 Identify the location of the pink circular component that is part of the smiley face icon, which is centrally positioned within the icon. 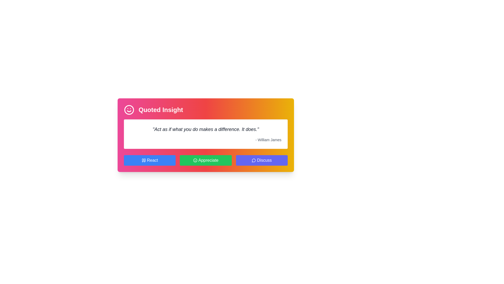
(129, 109).